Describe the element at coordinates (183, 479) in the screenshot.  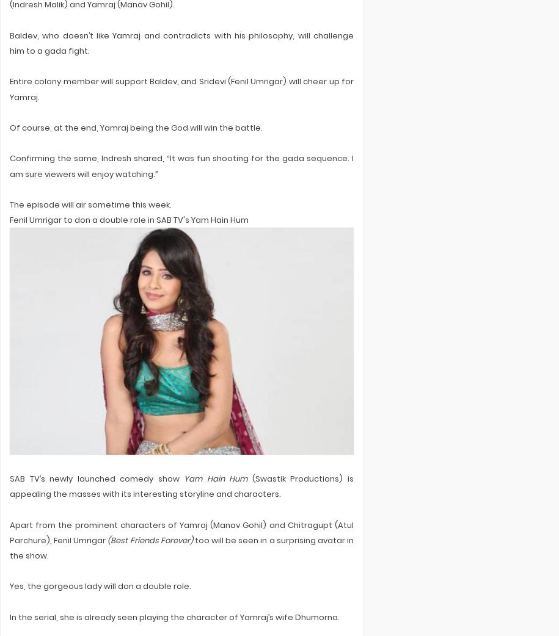
I see `'Yam Hain Hum'` at that location.